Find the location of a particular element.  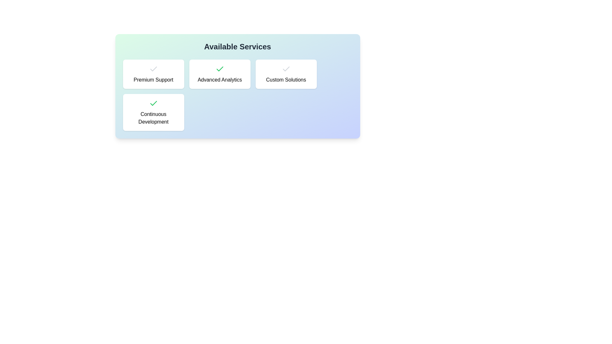

the status of the checkmark icon located in the 'Advanced Analytics' box, which indicates a confirmation or positive status in the 'Available Services' section is located at coordinates (286, 69).